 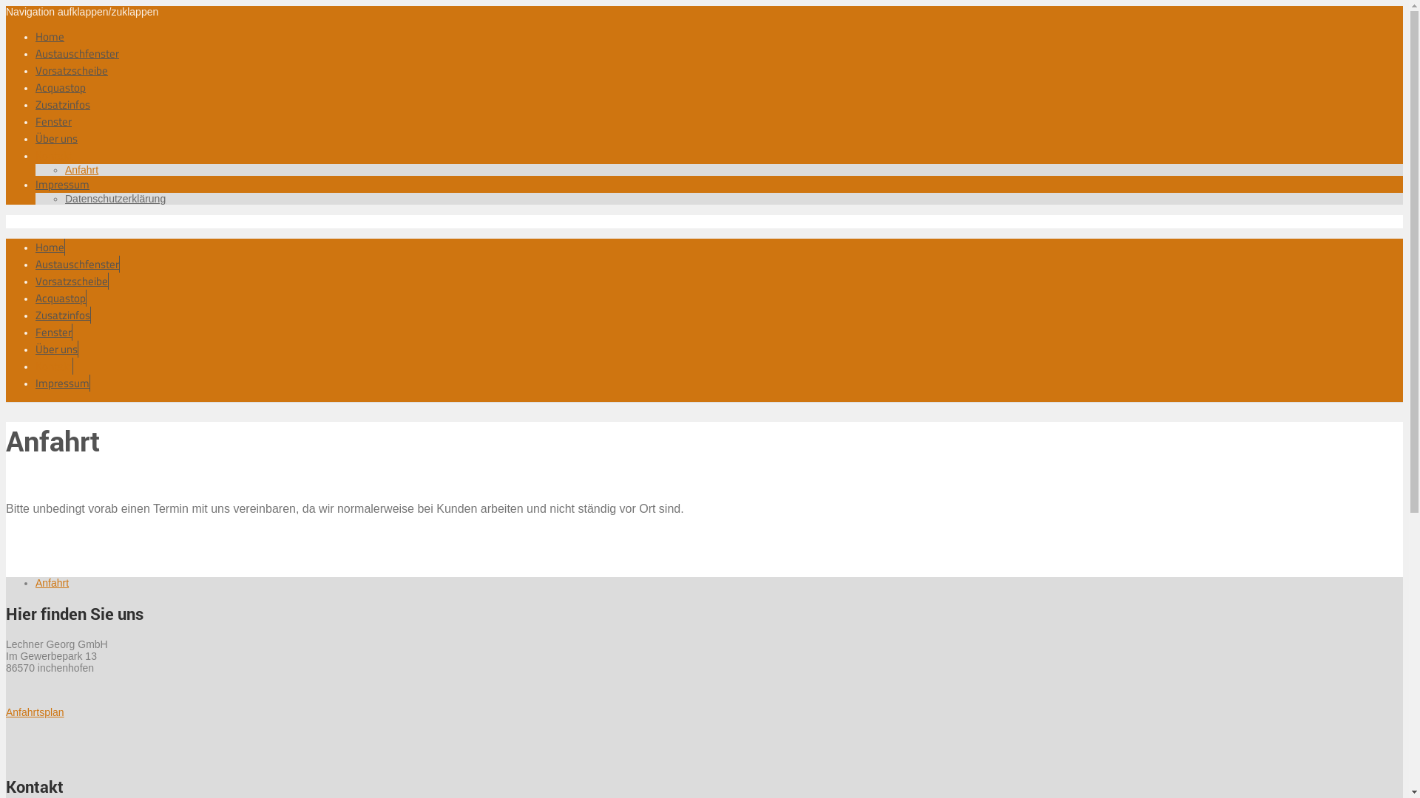 I want to click on 'Anfahrt', so click(x=81, y=169).